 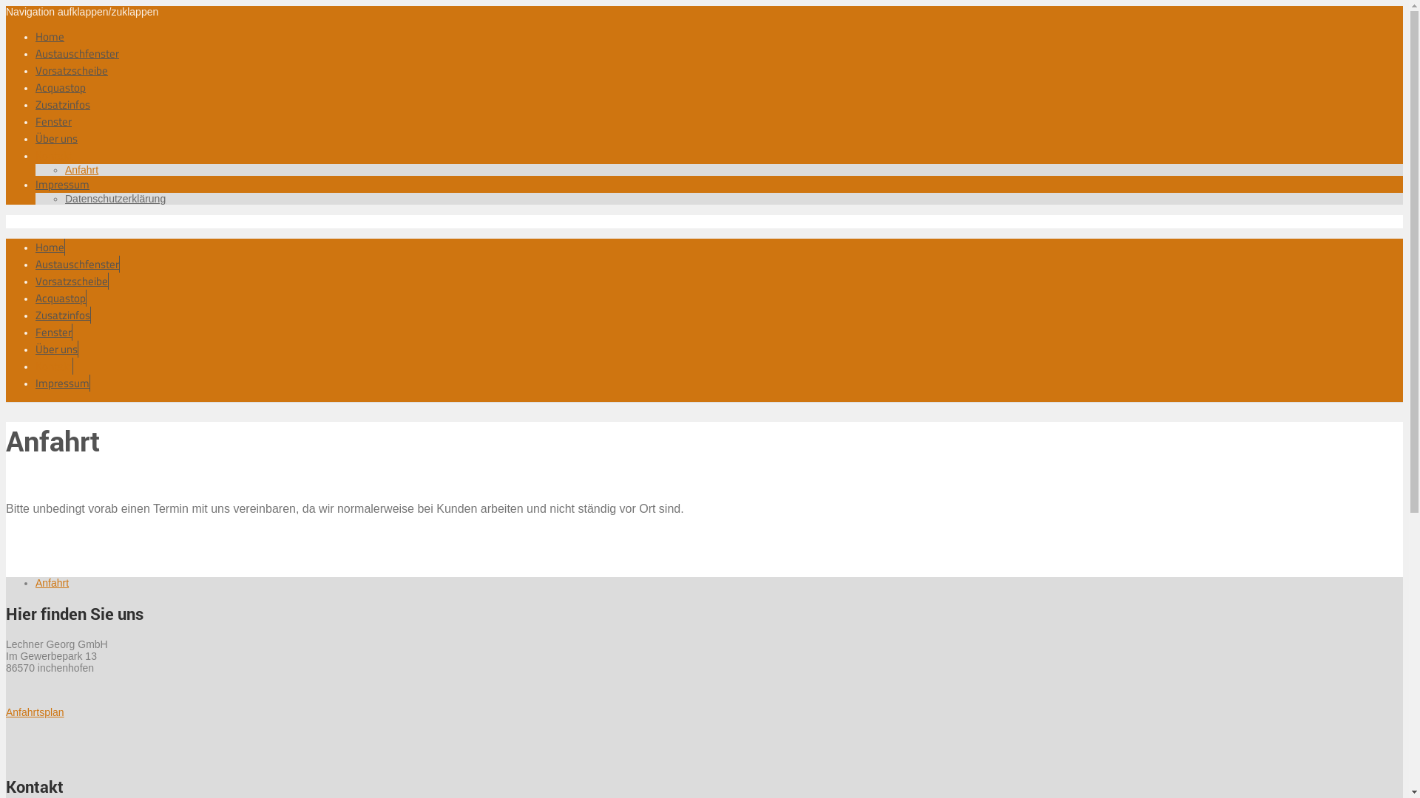 I want to click on 'Anfahrt', so click(x=81, y=169).